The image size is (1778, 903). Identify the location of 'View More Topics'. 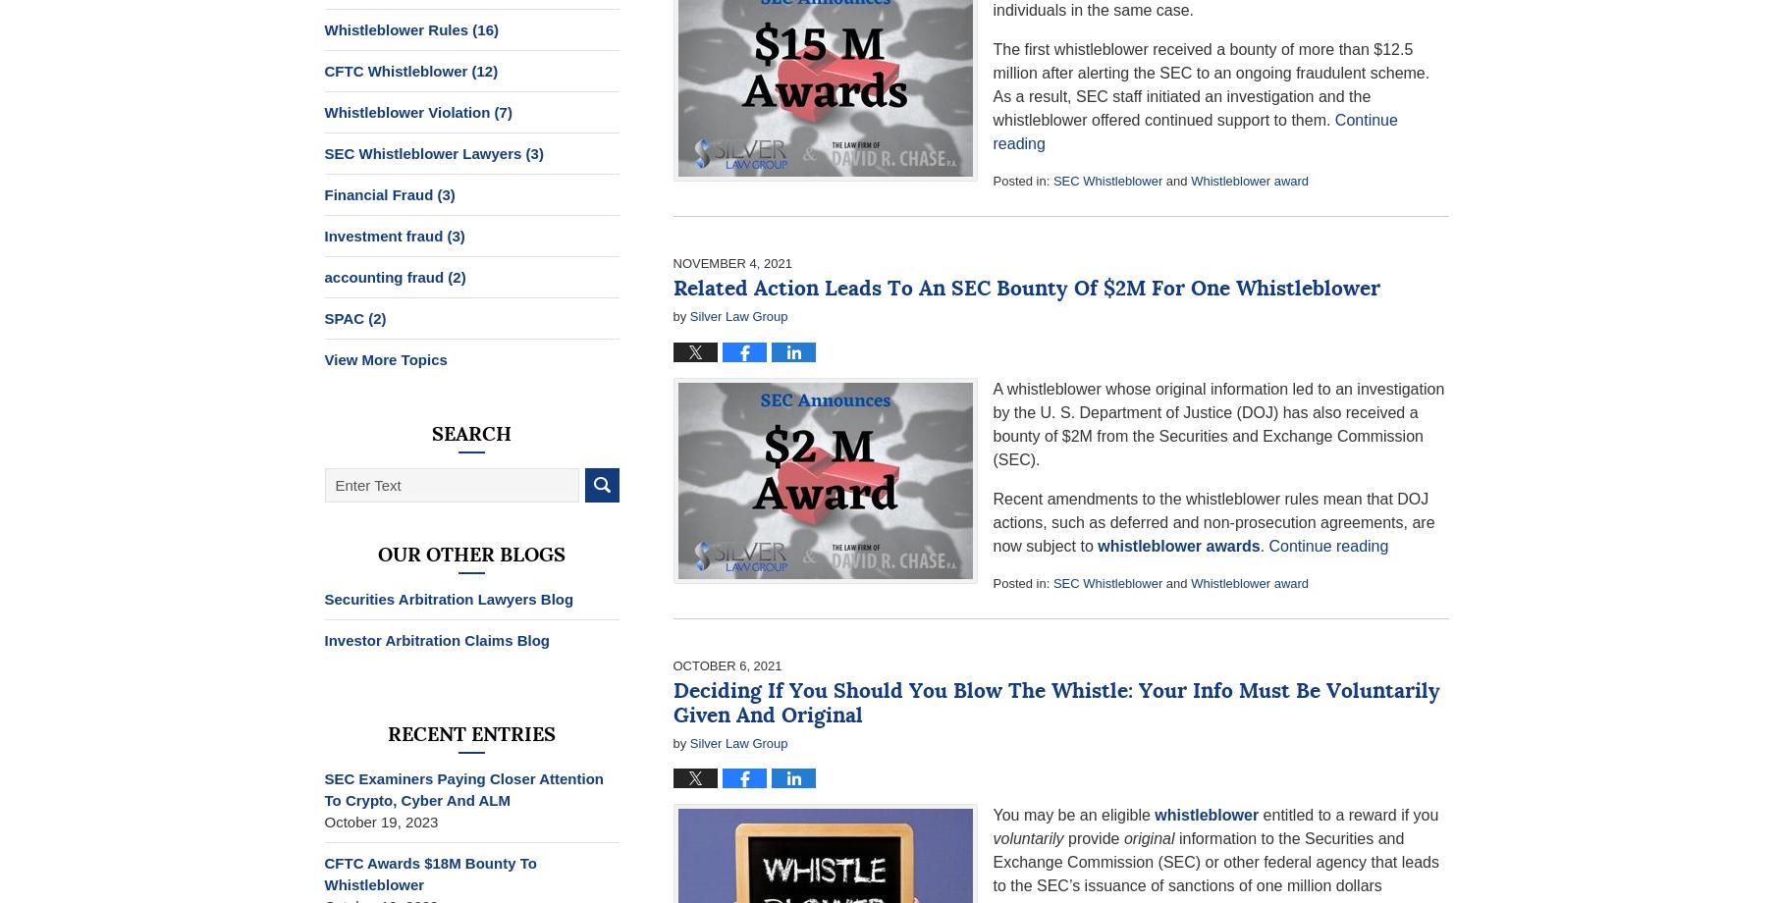
(384, 358).